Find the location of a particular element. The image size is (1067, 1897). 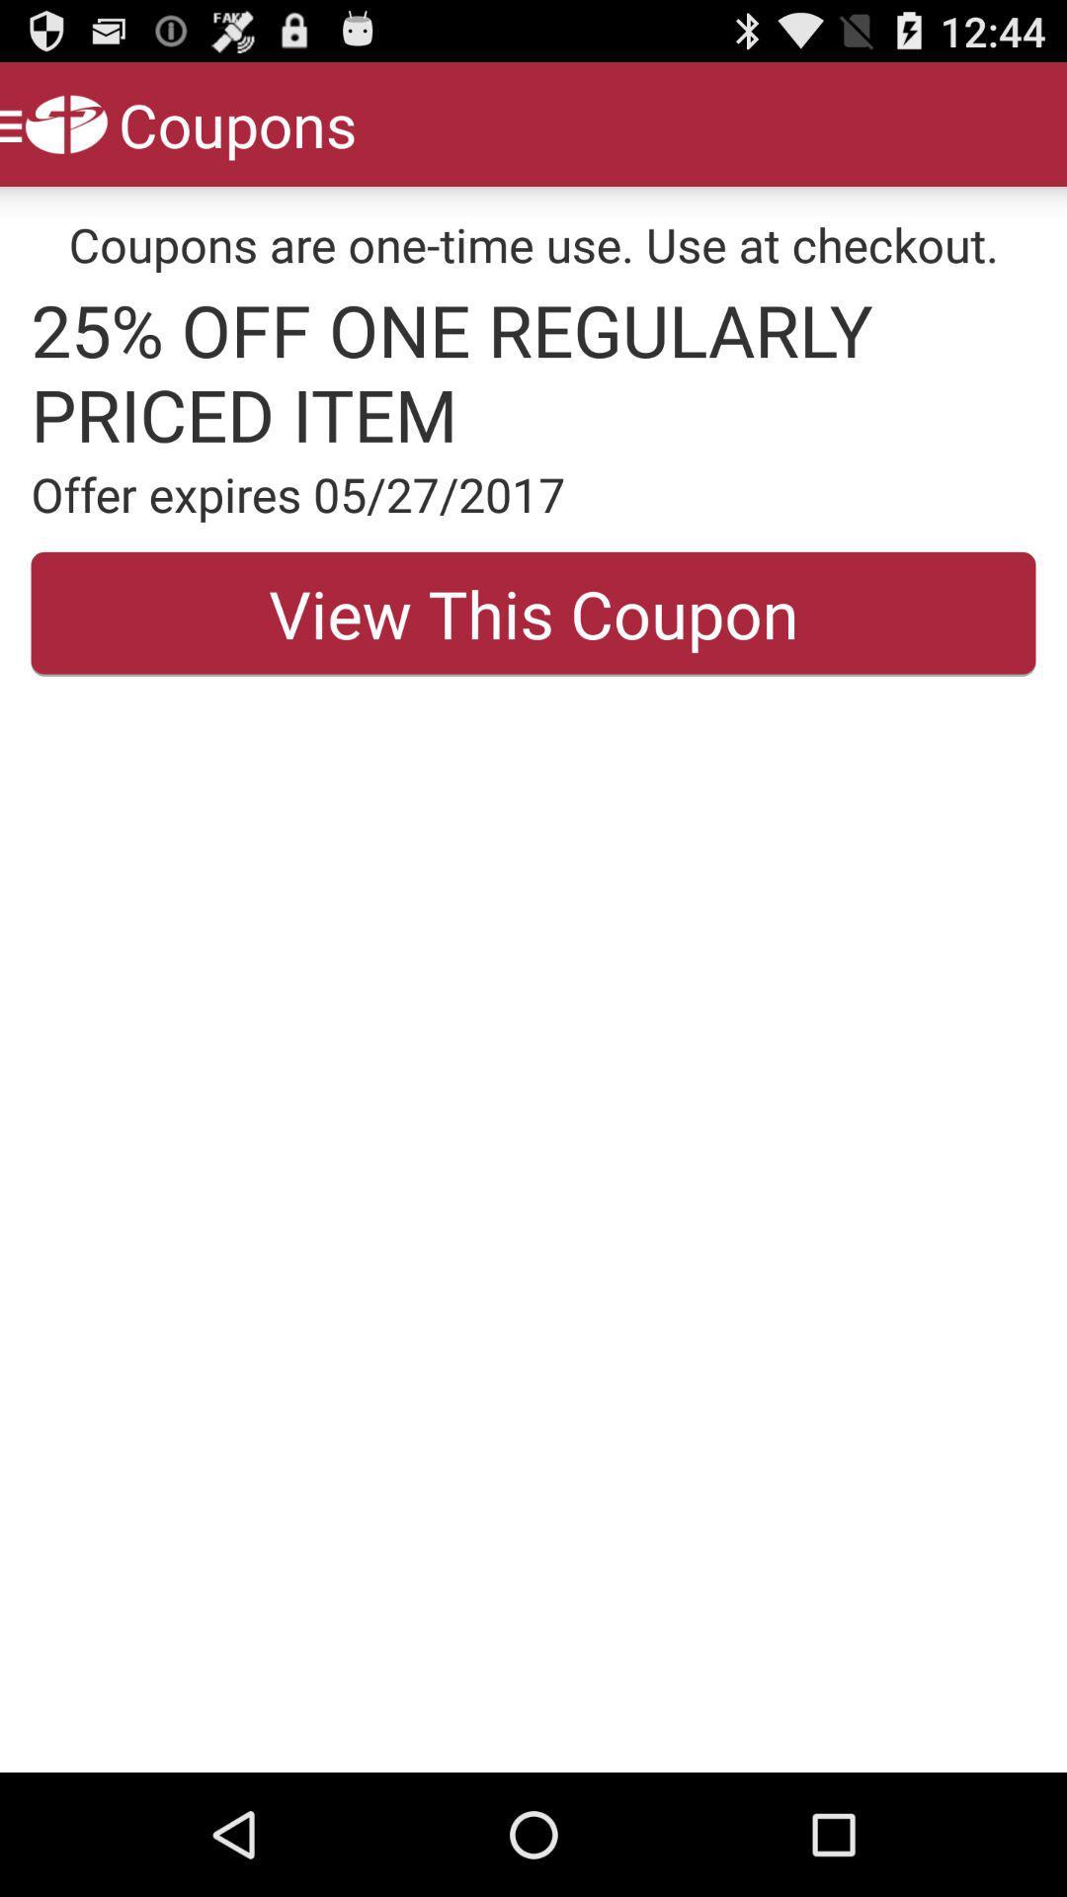

the item below the offer expires 05 icon is located at coordinates (533, 613).